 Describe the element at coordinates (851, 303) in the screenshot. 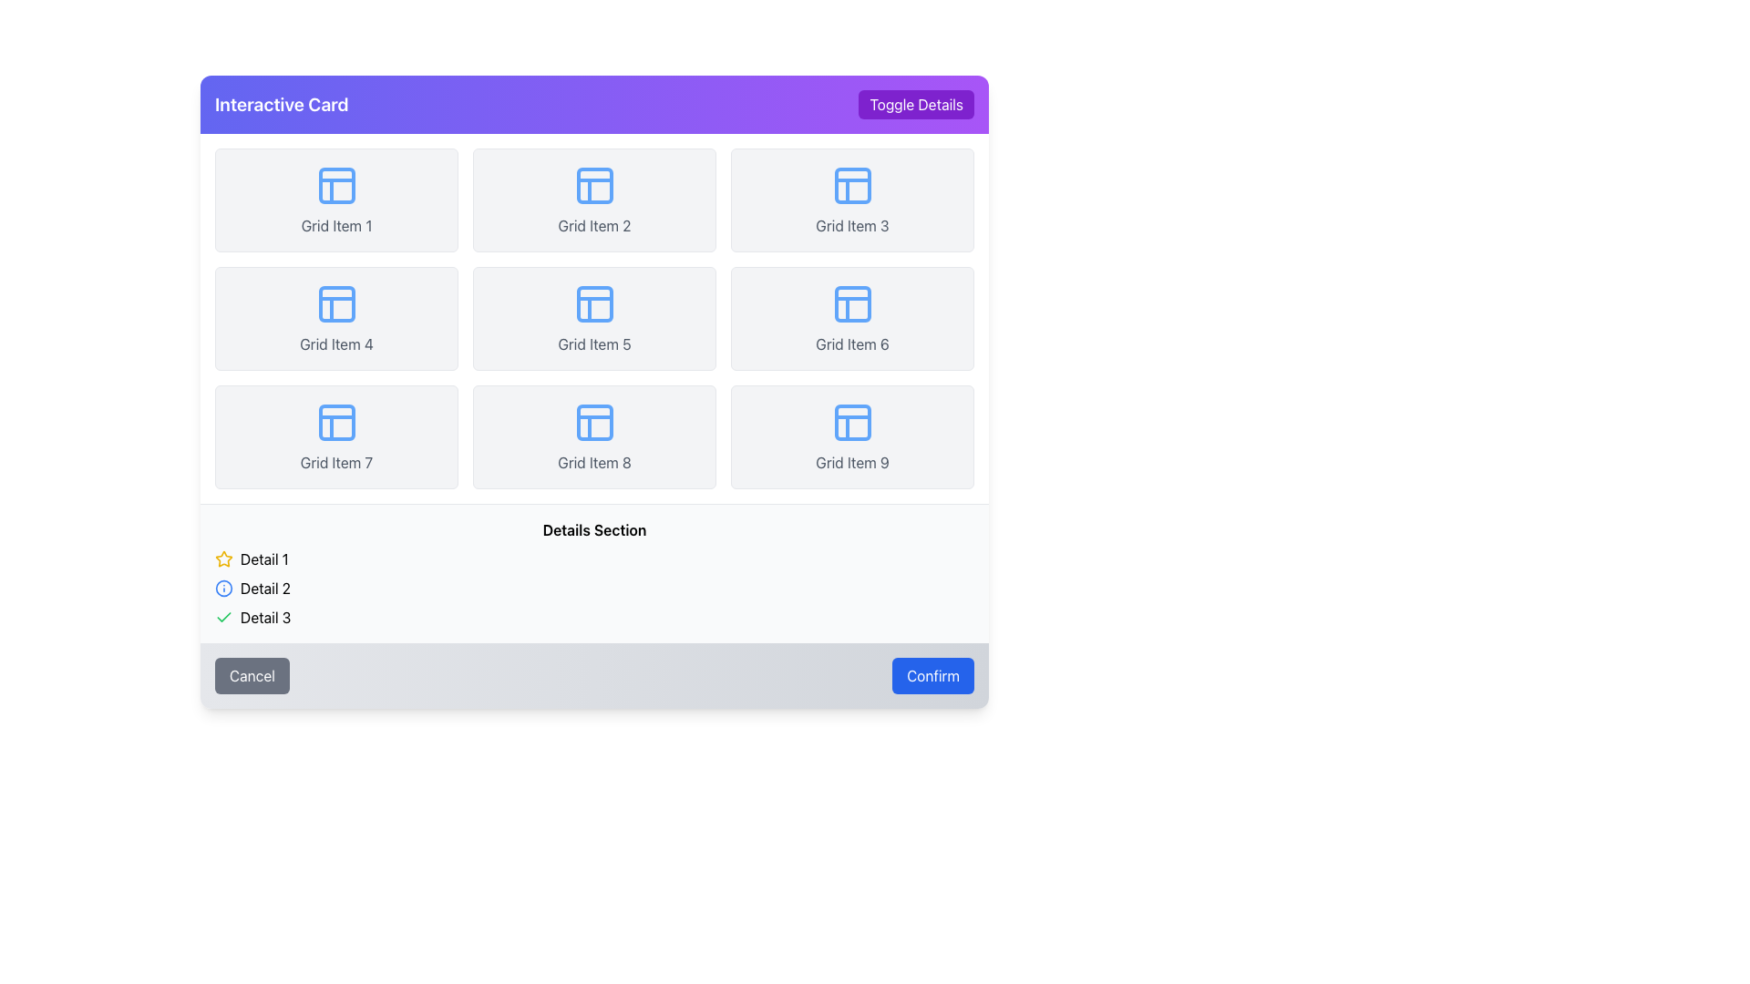

I see `the decorative element within the SVG graphic representing 'Grid Item 6', located in the second row, third column of a 3x3 grid arrangement in the main interface` at that location.